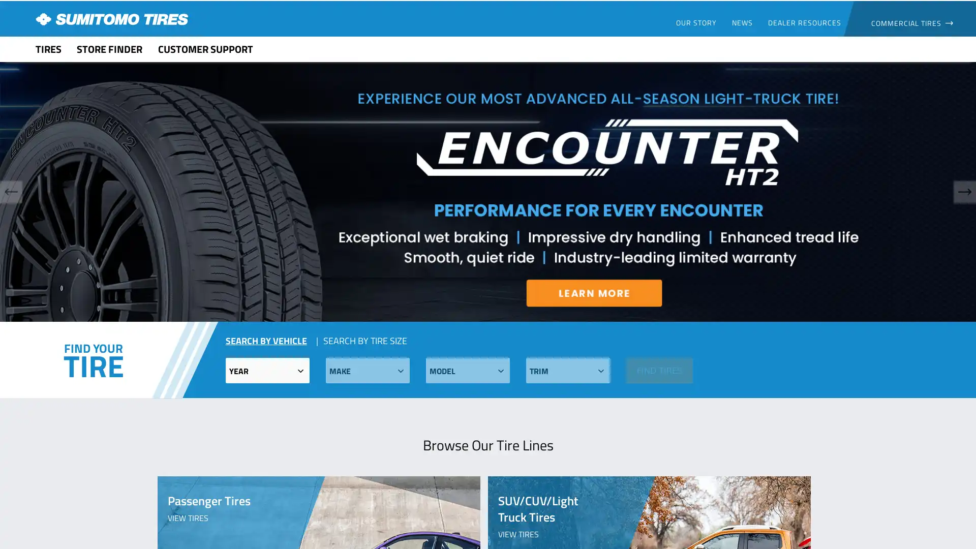  Describe the element at coordinates (659, 370) in the screenshot. I see `FIND TIRES` at that location.